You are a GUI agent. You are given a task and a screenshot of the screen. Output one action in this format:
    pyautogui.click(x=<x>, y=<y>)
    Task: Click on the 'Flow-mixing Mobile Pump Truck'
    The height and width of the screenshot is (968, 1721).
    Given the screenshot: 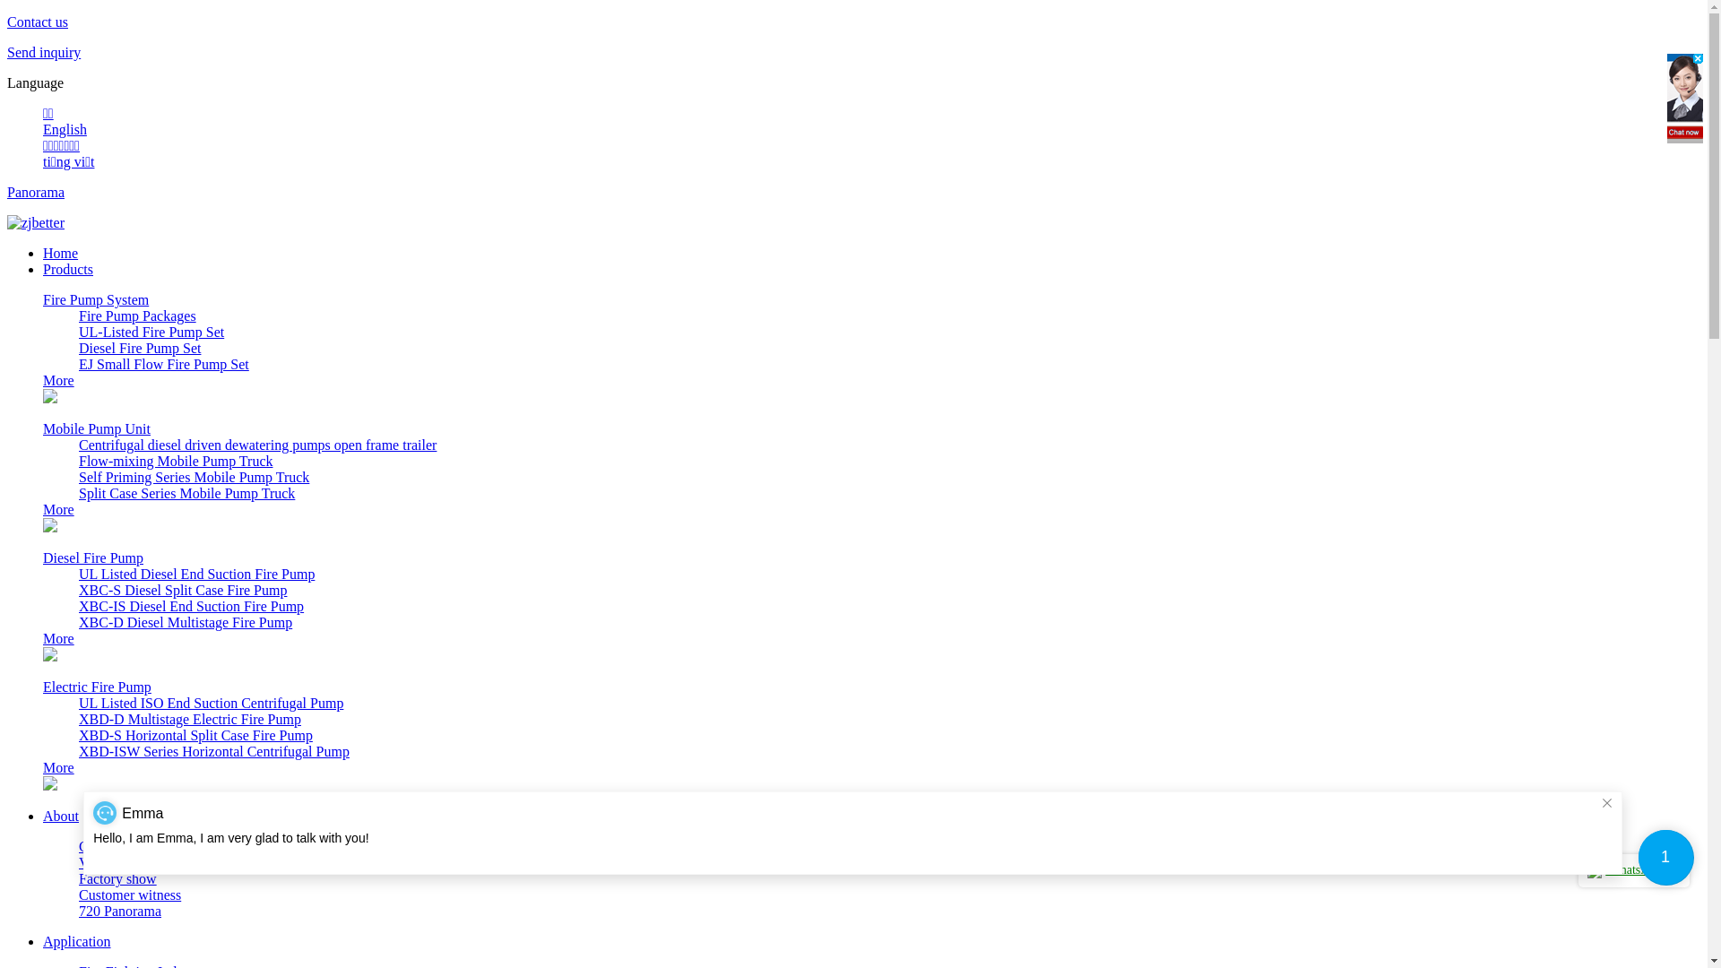 What is the action you would take?
    pyautogui.click(x=176, y=460)
    